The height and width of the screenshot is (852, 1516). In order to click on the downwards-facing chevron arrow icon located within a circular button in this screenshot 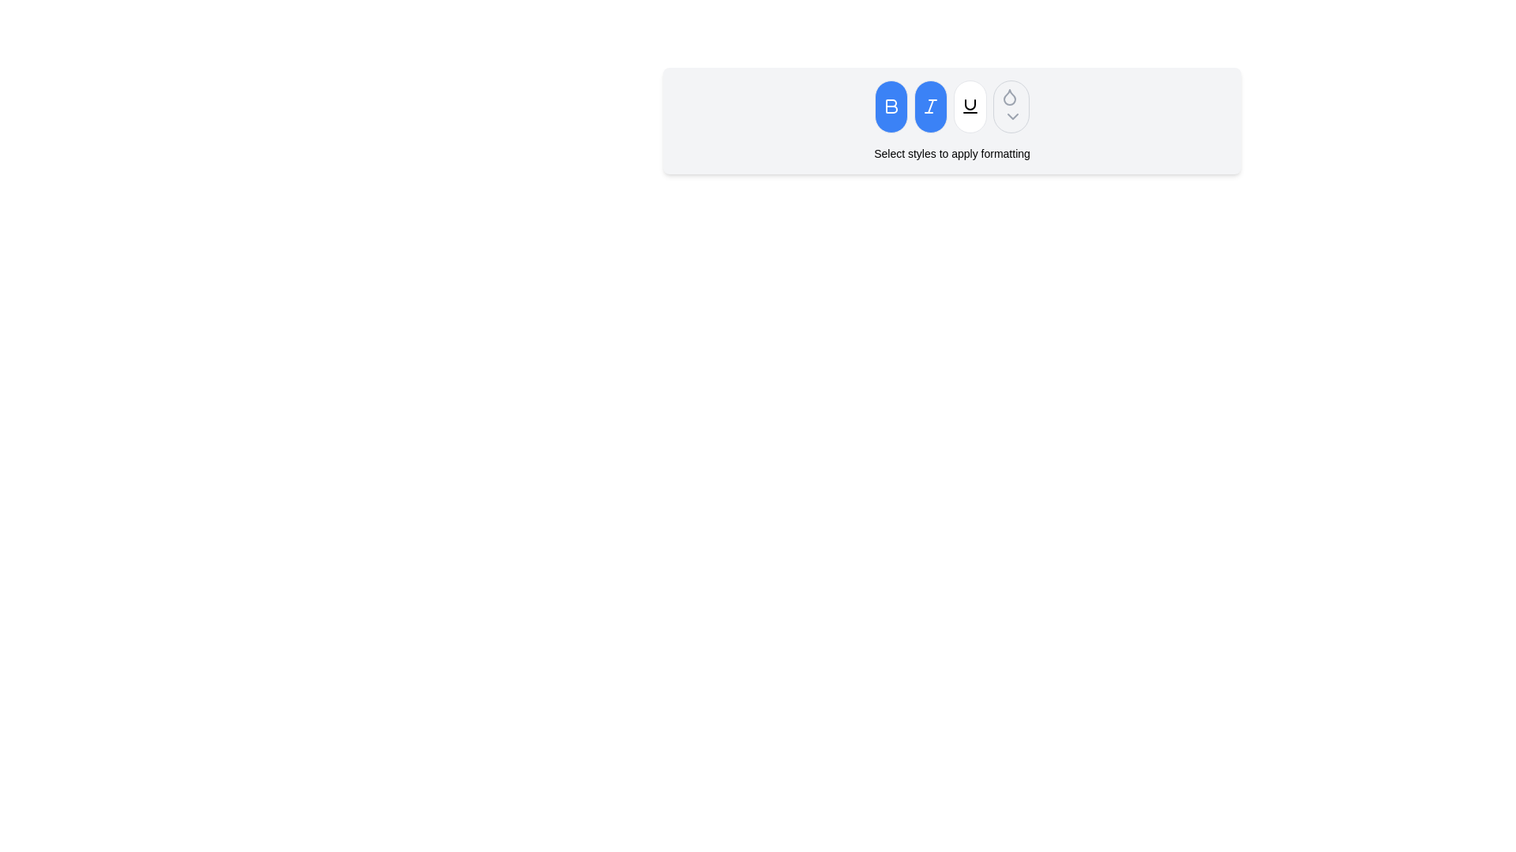, I will do `click(1012, 114)`.